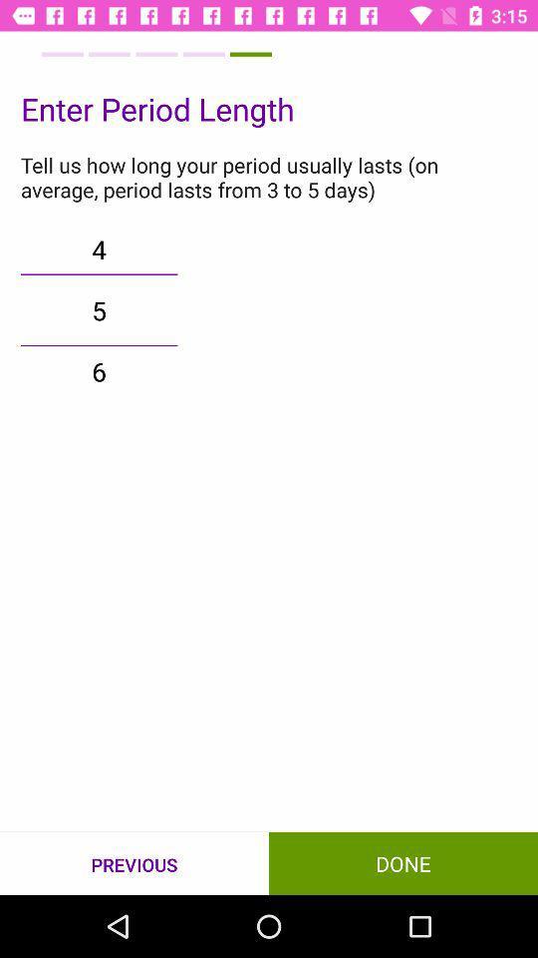 Image resolution: width=538 pixels, height=958 pixels. What do you see at coordinates (403, 862) in the screenshot?
I see `item to the right of the previous icon` at bounding box center [403, 862].